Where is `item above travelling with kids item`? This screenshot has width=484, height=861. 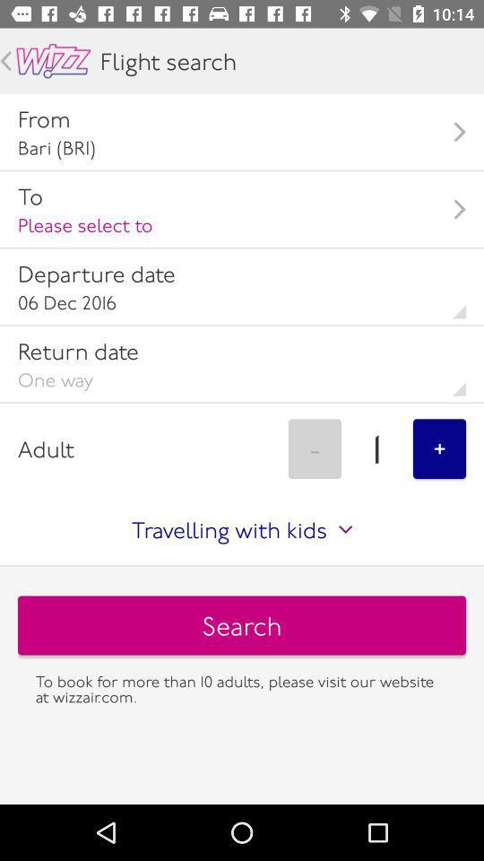 item above travelling with kids item is located at coordinates (314, 448).